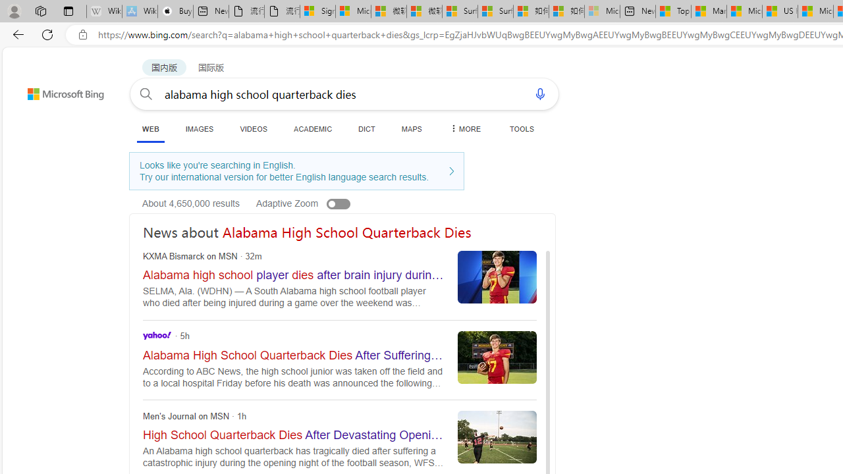 Image resolution: width=843 pixels, height=474 pixels. Describe the element at coordinates (367, 128) in the screenshot. I see `'DICT'` at that location.